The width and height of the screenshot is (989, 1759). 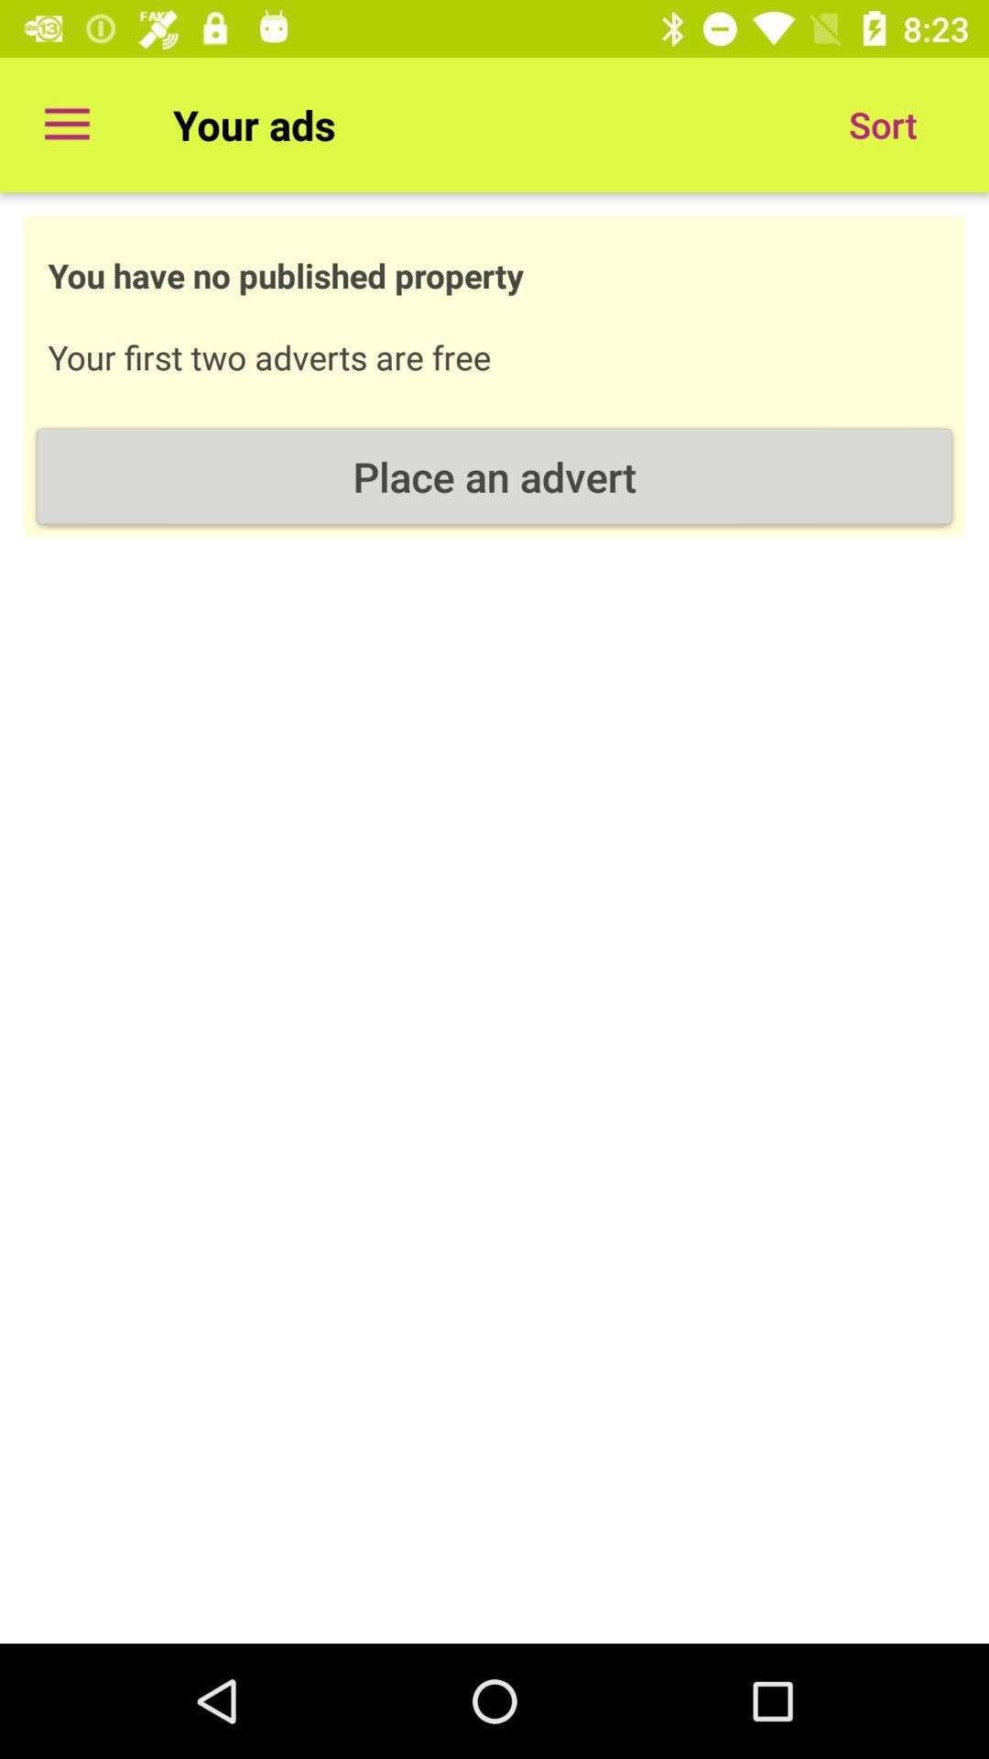 I want to click on the item next to your ads item, so click(x=882, y=124).